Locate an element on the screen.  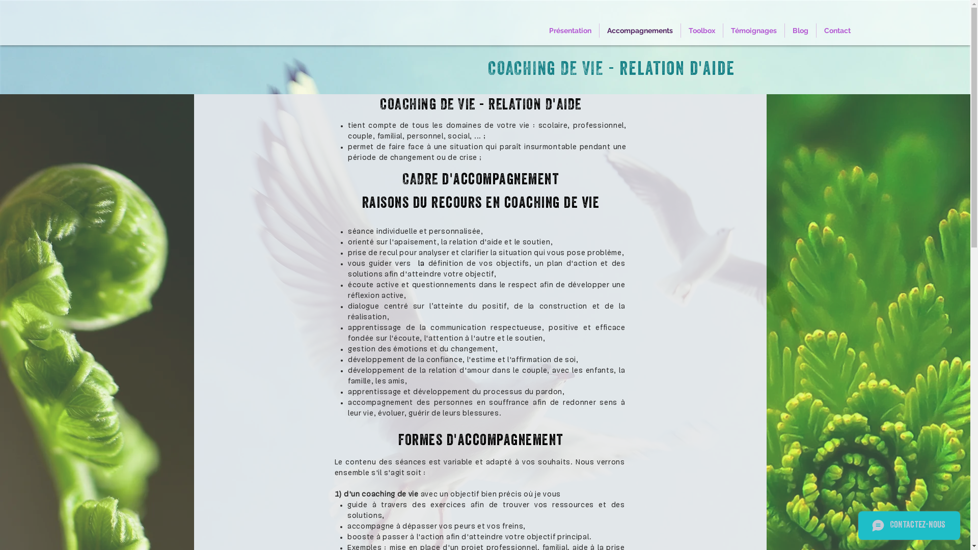
'Accompagnements' is located at coordinates (639, 30).